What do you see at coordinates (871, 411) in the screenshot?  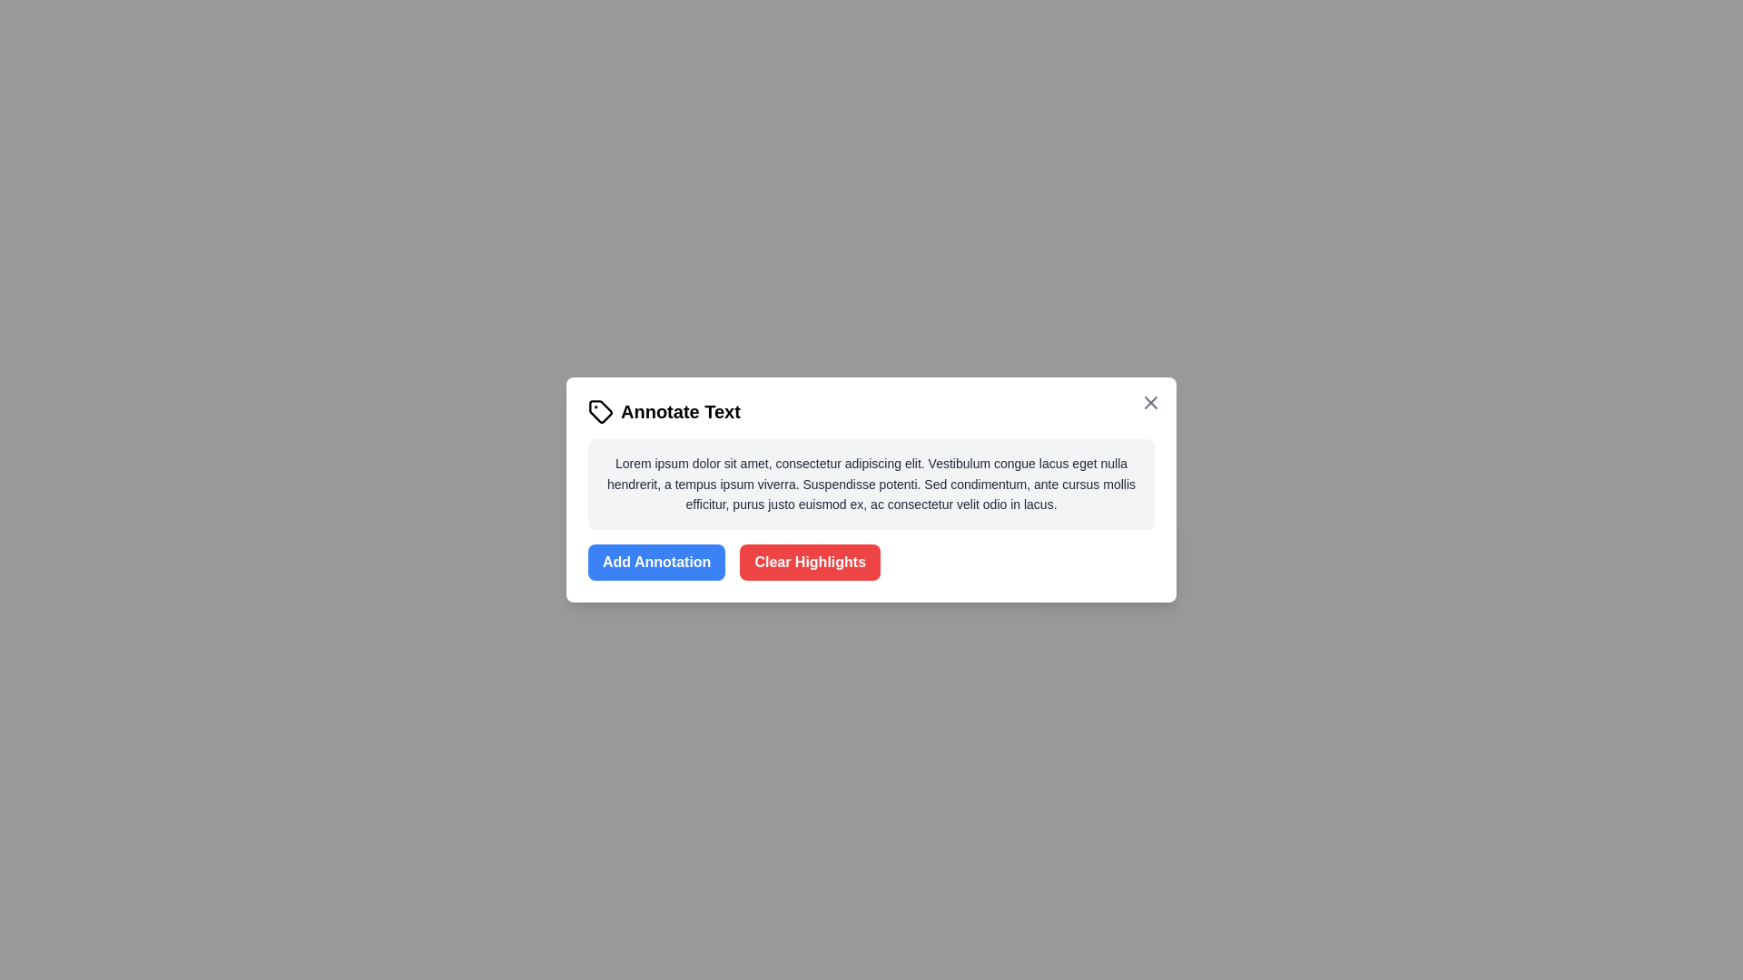 I see `the dialog title to interact with it` at bounding box center [871, 411].